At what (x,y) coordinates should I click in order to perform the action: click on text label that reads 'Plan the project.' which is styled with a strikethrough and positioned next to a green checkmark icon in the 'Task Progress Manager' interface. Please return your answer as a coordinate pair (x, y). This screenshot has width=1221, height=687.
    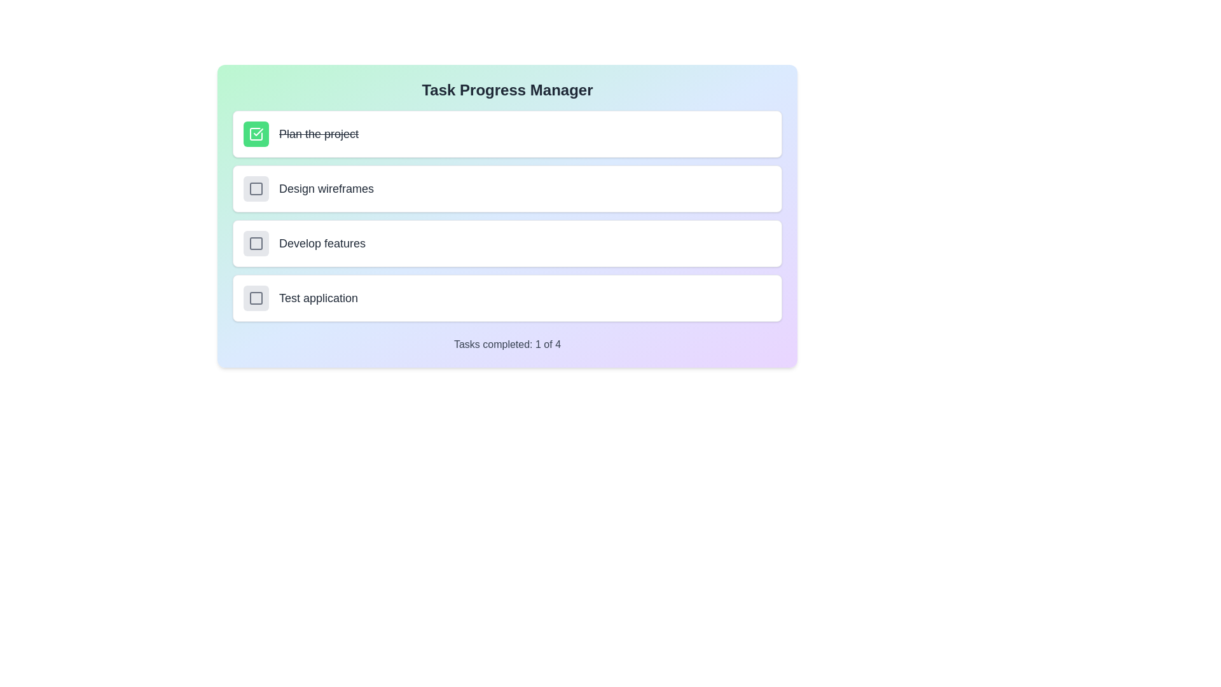
    Looking at the image, I should click on (319, 134).